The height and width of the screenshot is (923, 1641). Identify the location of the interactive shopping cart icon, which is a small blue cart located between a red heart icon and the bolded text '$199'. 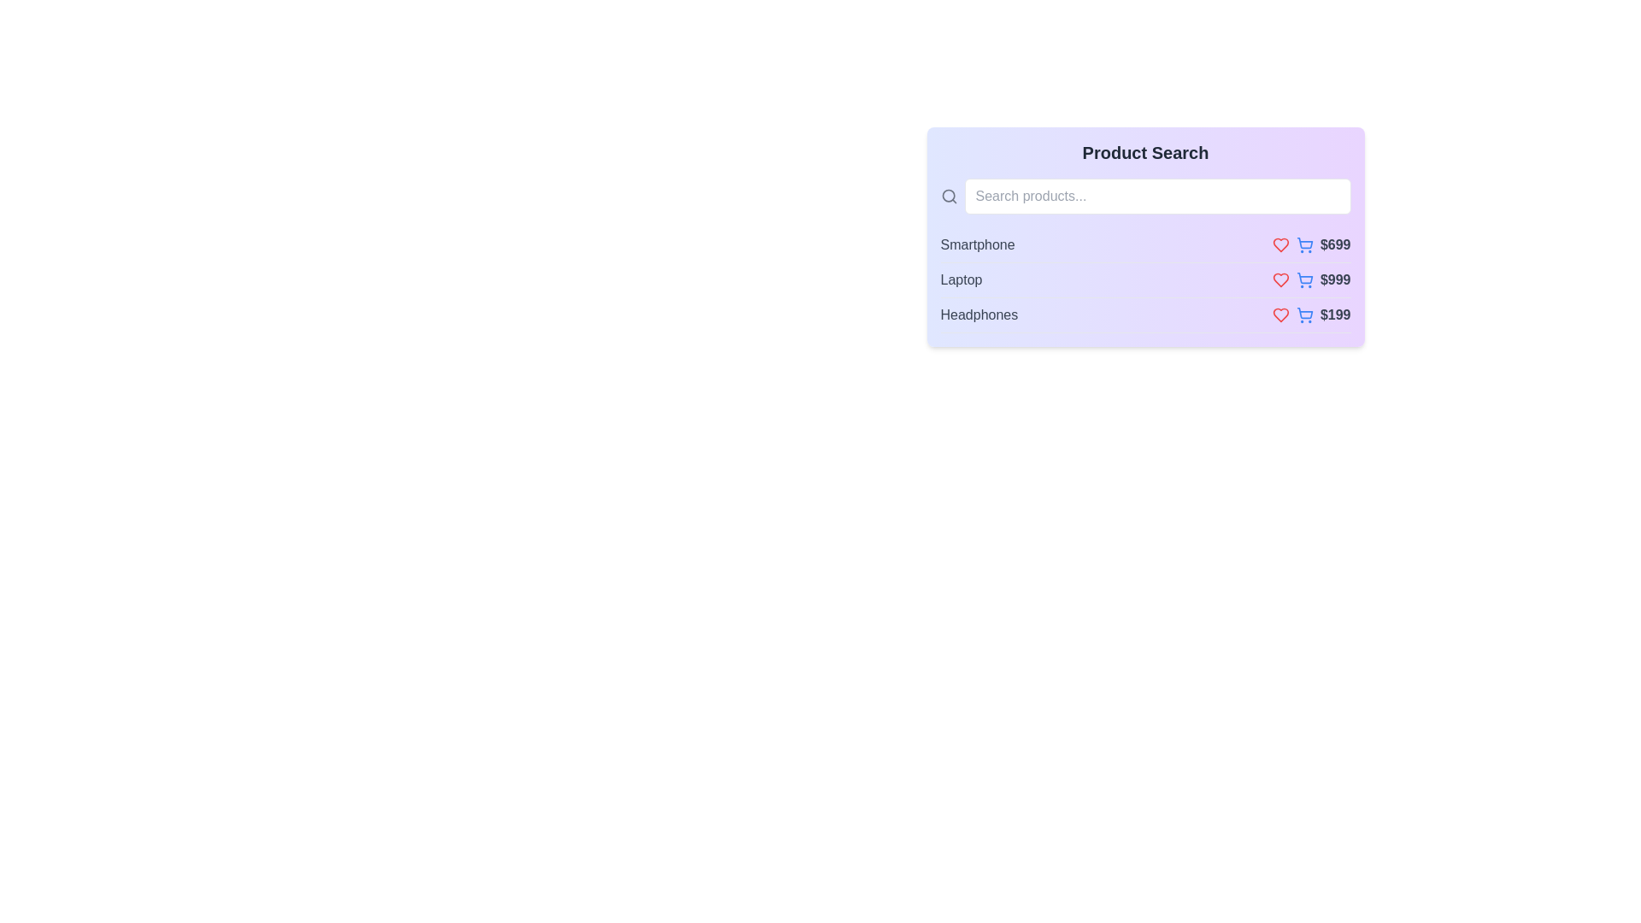
(1310, 315).